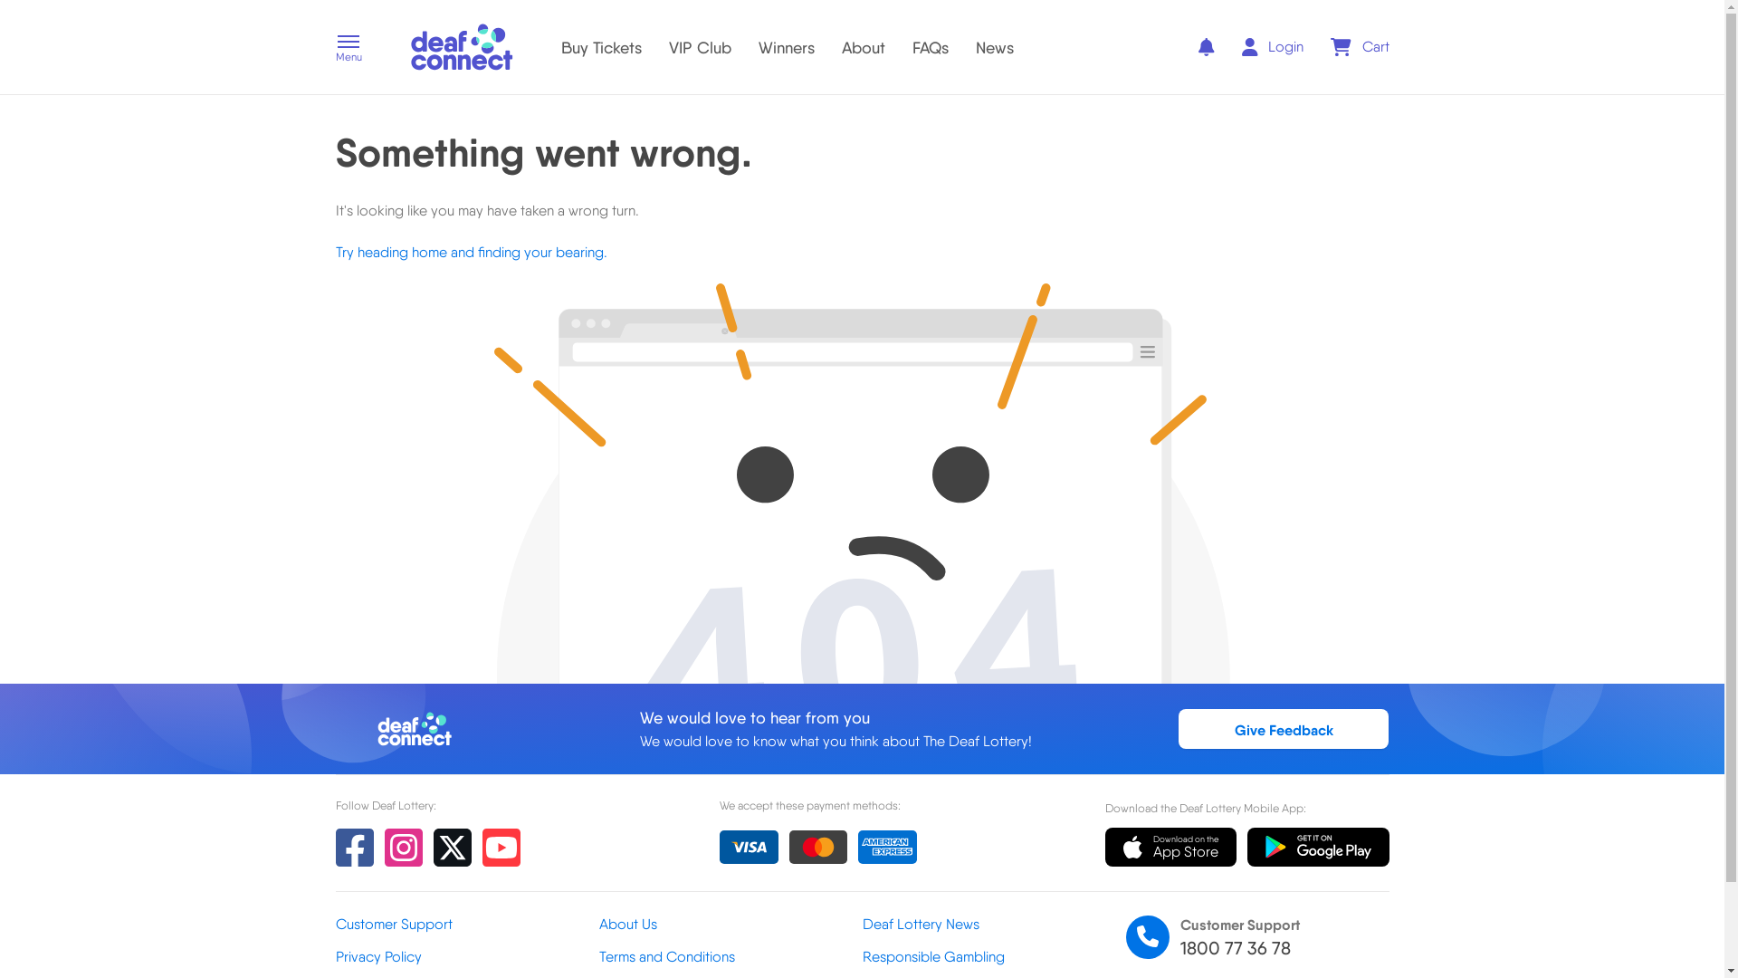 The width and height of the screenshot is (1738, 978). What do you see at coordinates (470, 252) in the screenshot?
I see `'Try heading home and finding your bearing.'` at bounding box center [470, 252].